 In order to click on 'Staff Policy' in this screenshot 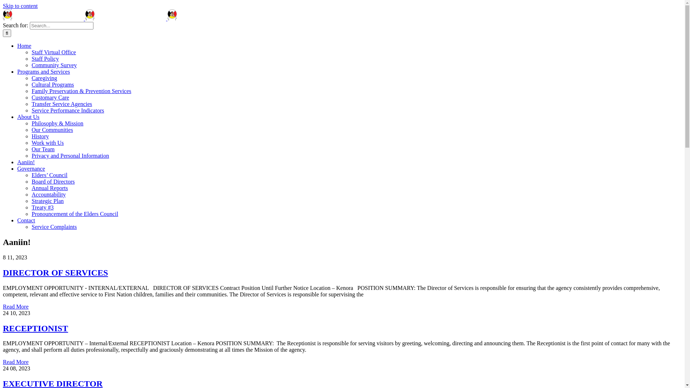, I will do `click(45, 58)`.